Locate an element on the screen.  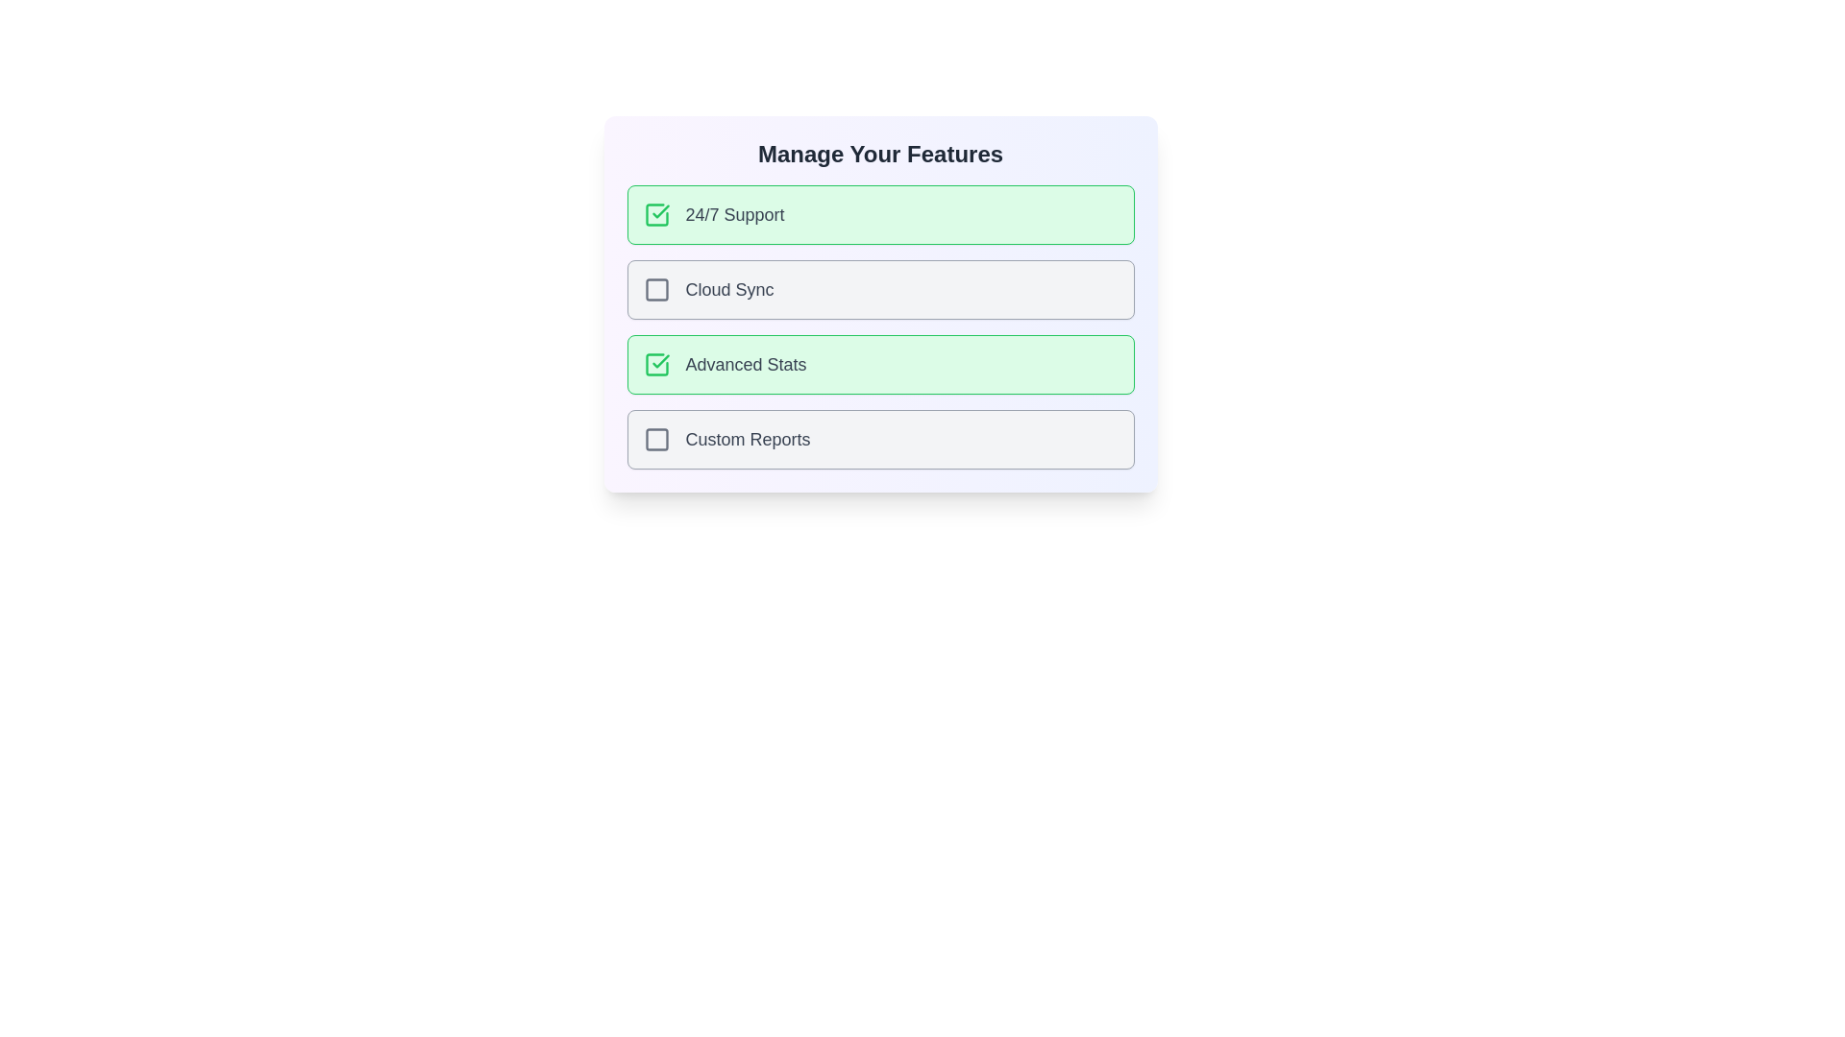
the Checkbox icon, represented as a green checkmark in a square outline, located in the left section of the first item in the '24/7 Support' list is located at coordinates (656, 214).